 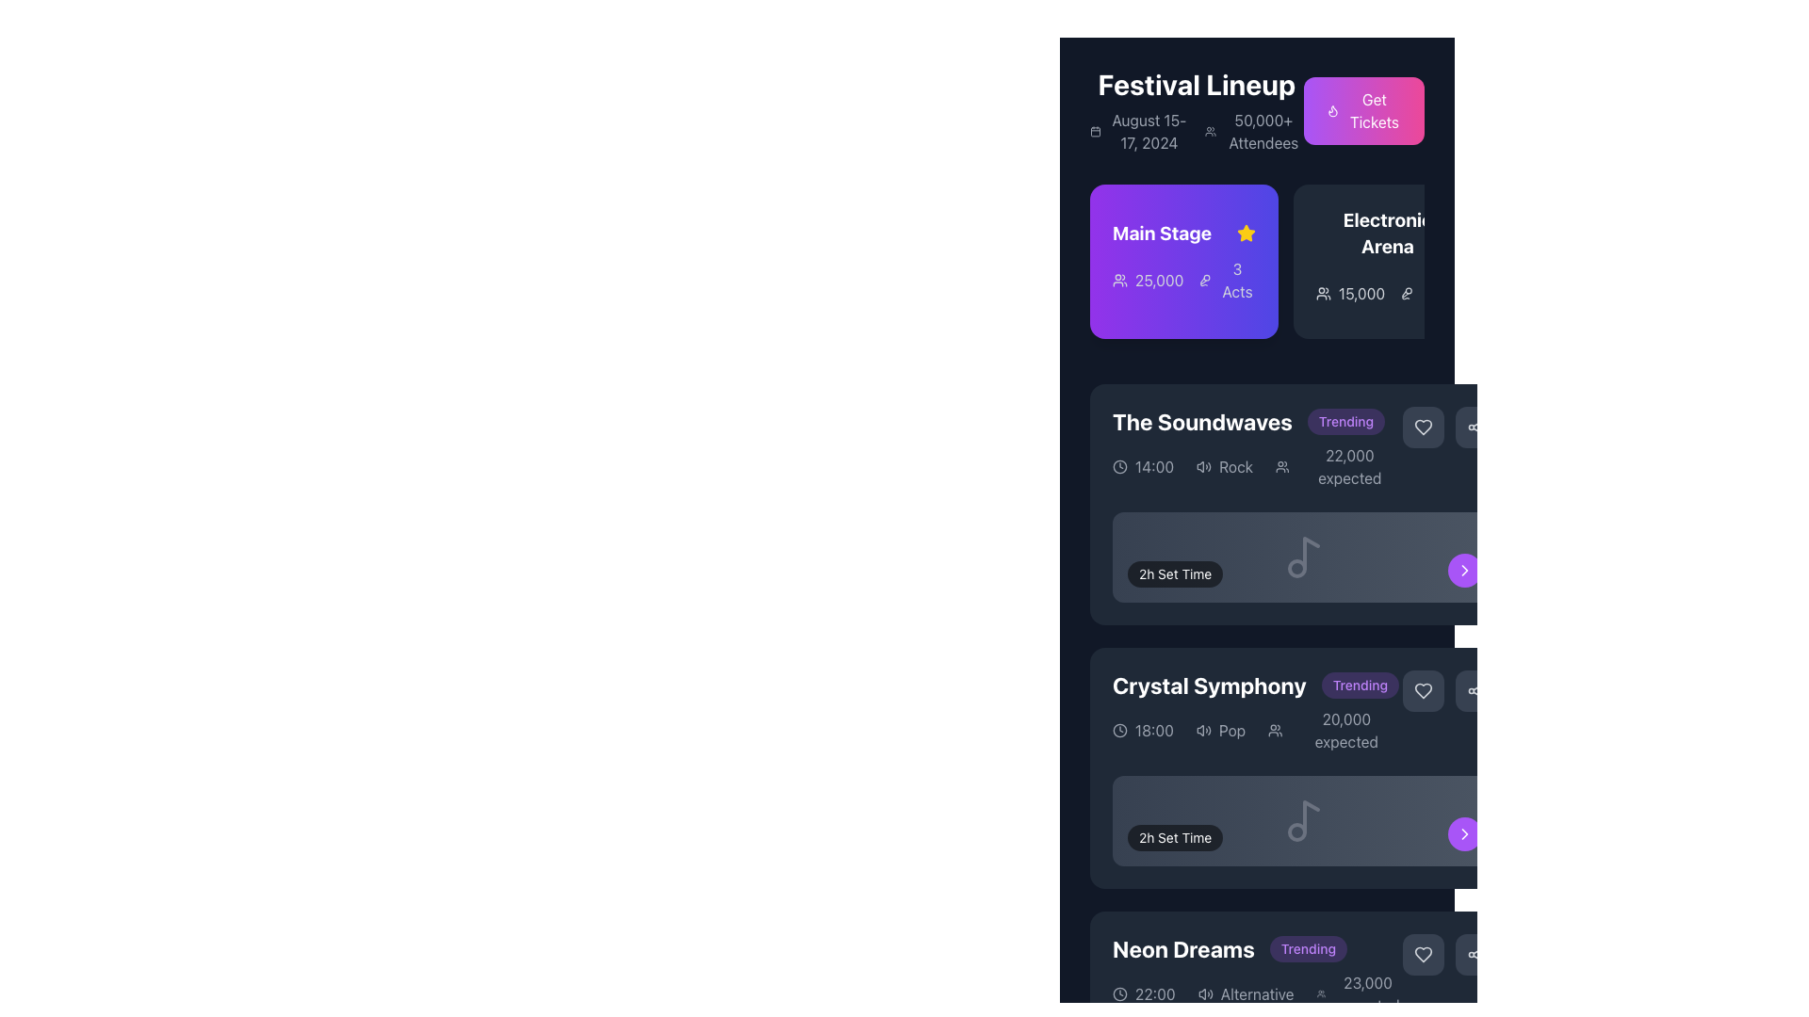 What do you see at coordinates (1424, 428) in the screenshot?
I see `the heart-shaped button outlined in white, which is located centrally within a dark-gray rounded corner background` at bounding box center [1424, 428].